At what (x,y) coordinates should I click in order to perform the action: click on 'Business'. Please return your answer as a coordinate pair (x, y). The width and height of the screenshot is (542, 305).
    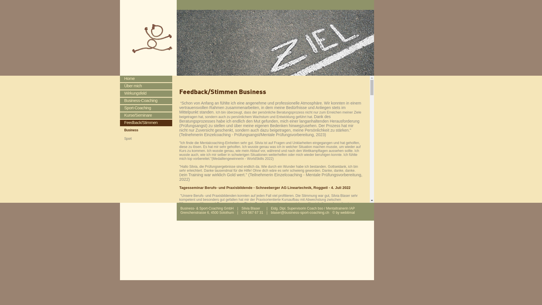
    Looking at the image, I should click on (146, 130).